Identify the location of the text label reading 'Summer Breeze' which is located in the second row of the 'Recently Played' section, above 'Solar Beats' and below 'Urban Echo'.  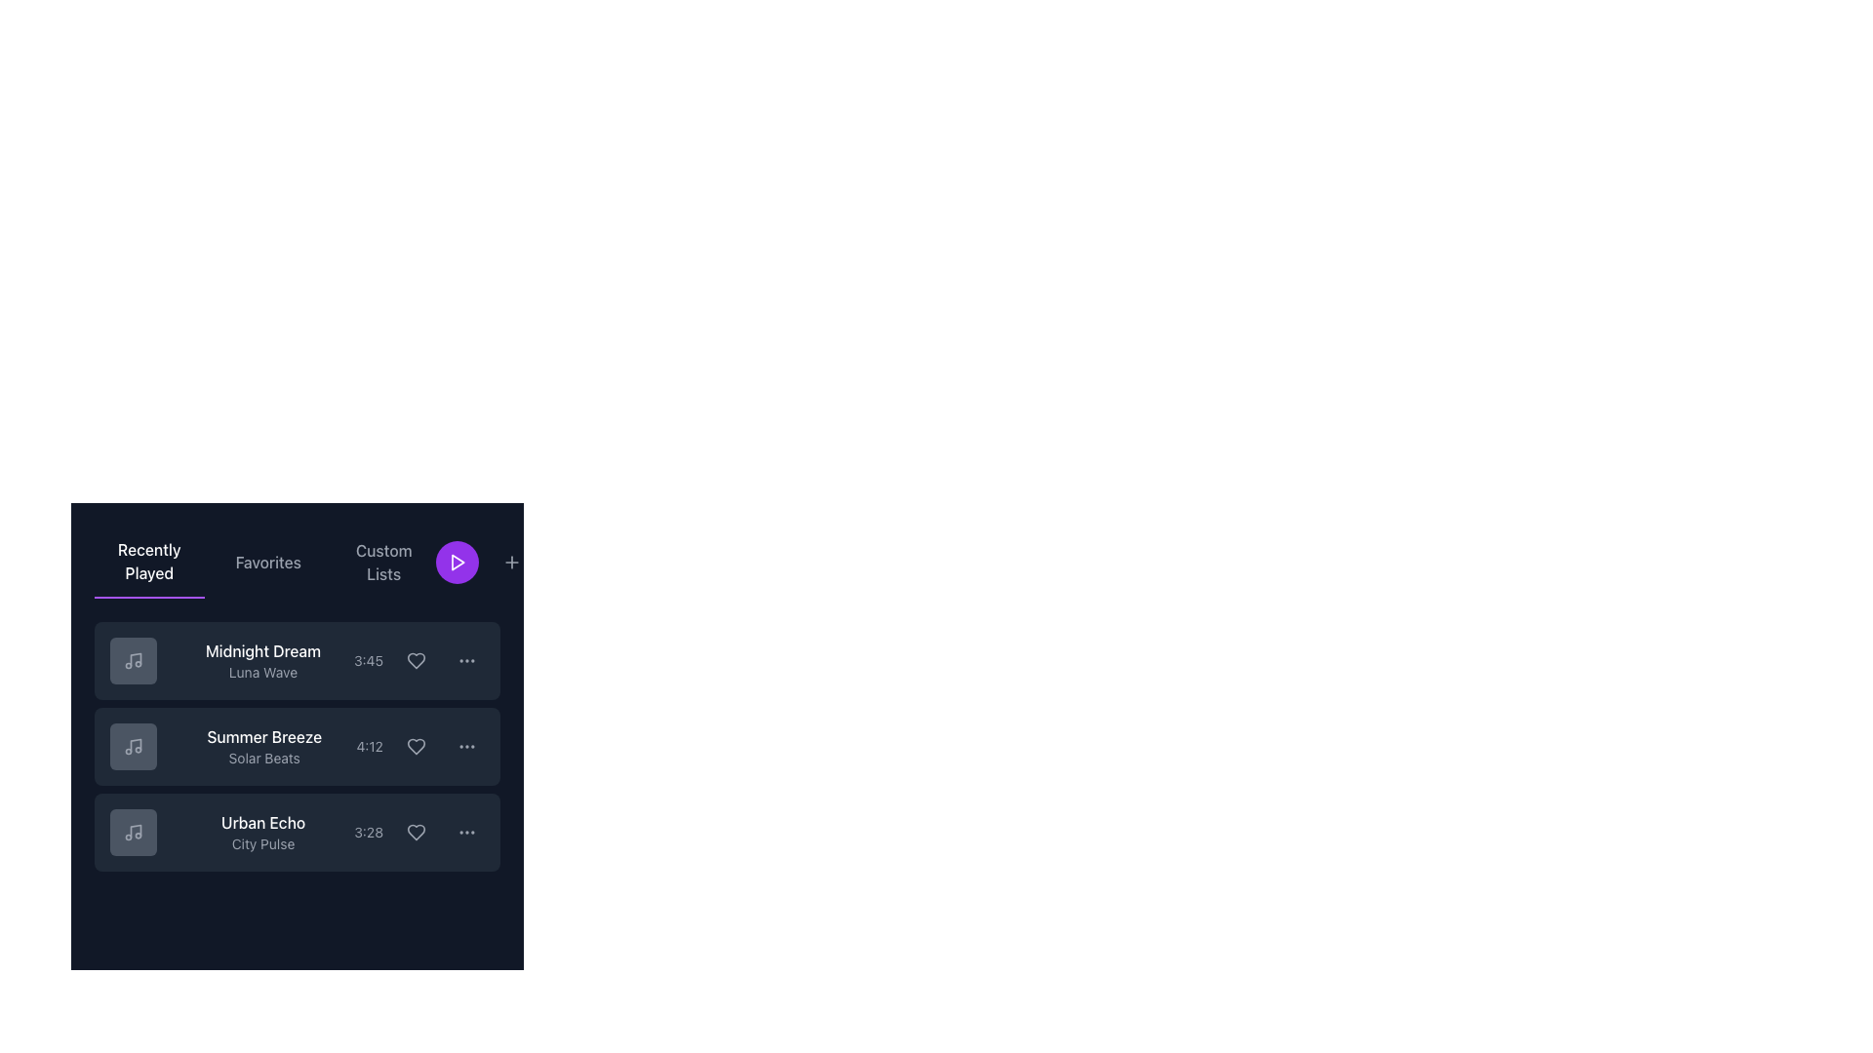
(263, 737).